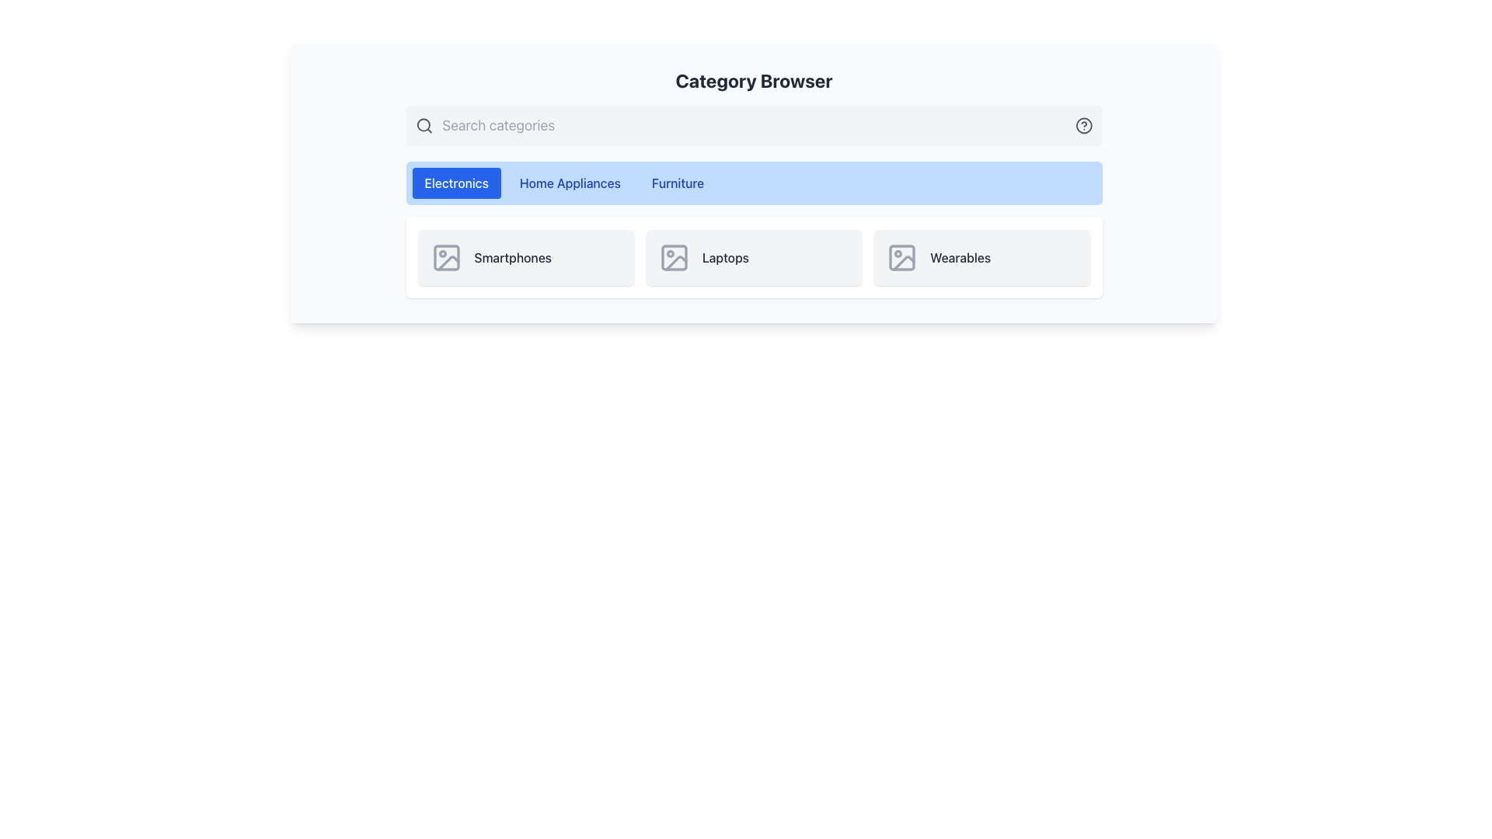 The image size is (1492, 839). Describe the element at coordinates (424, 125) in the screenshot. I see `the magnifying glass icon located at the leftmost side of the header section, adjacent to the 'Search categories' text input field` at that location.